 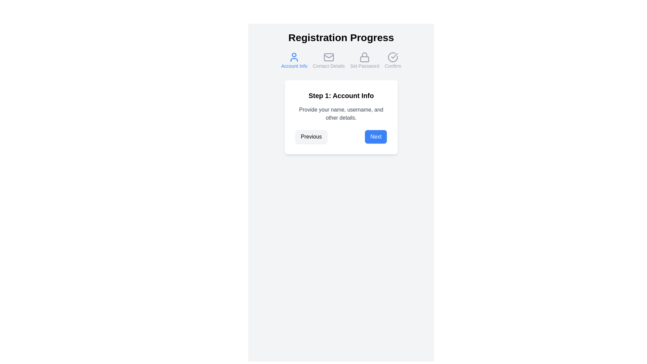 I want to click on the mail icon with an envelope shape located in the horizontal navigation bar, positioned second from the left among four icons, so click(x=329, y=57).